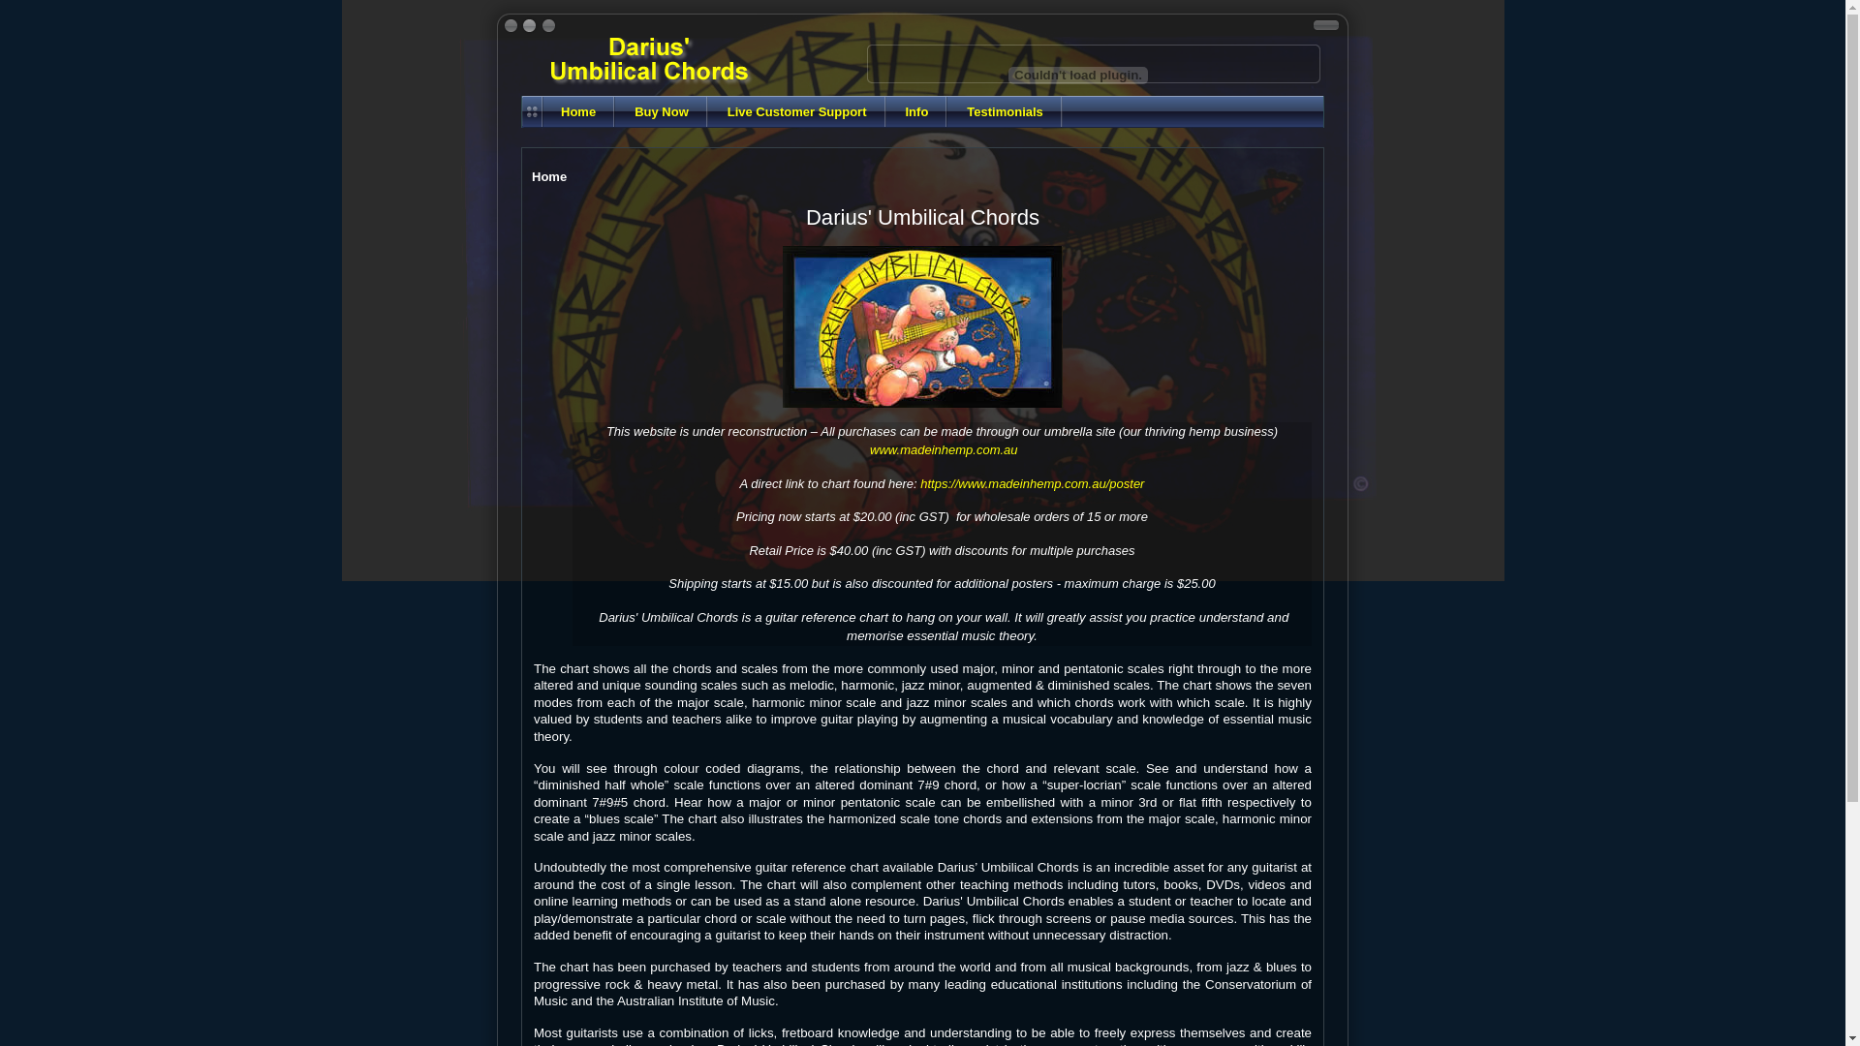  I want to click on 'Testimonials', so click(947, 111).